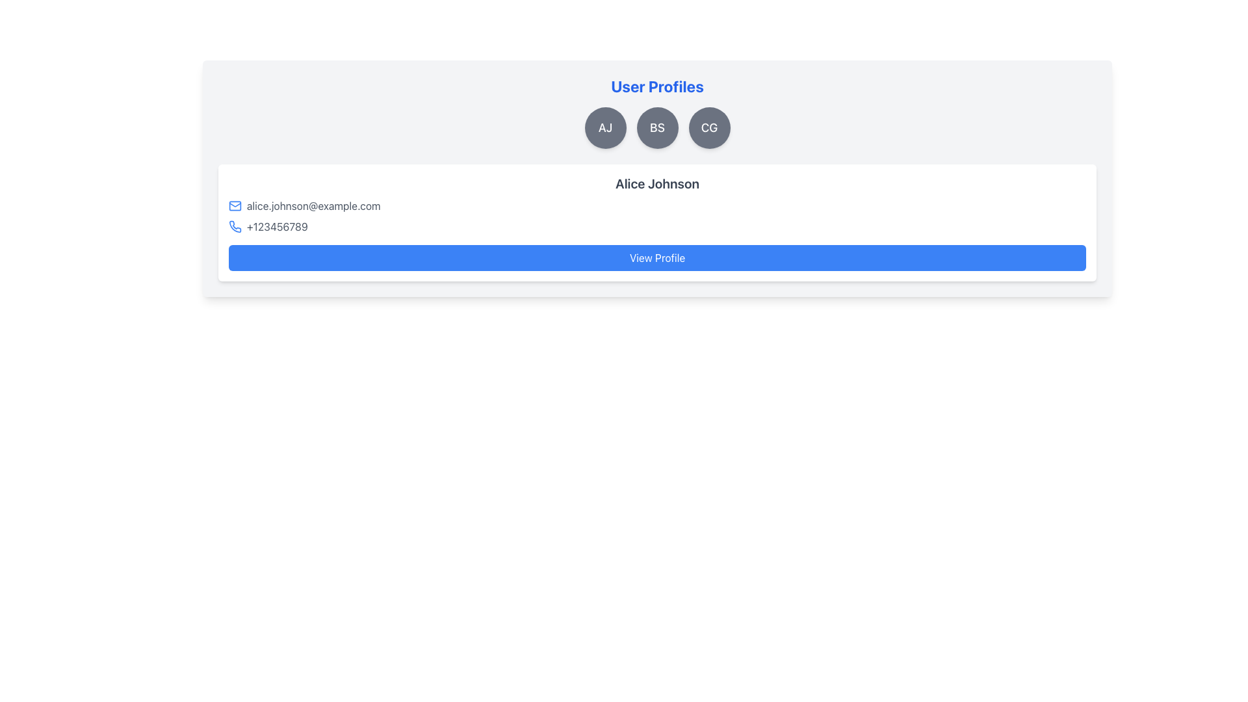 This screenshot has height=702, width=1248. I want to click on the middle circular button labeled 'BS' for interaction, so click(657, 127).